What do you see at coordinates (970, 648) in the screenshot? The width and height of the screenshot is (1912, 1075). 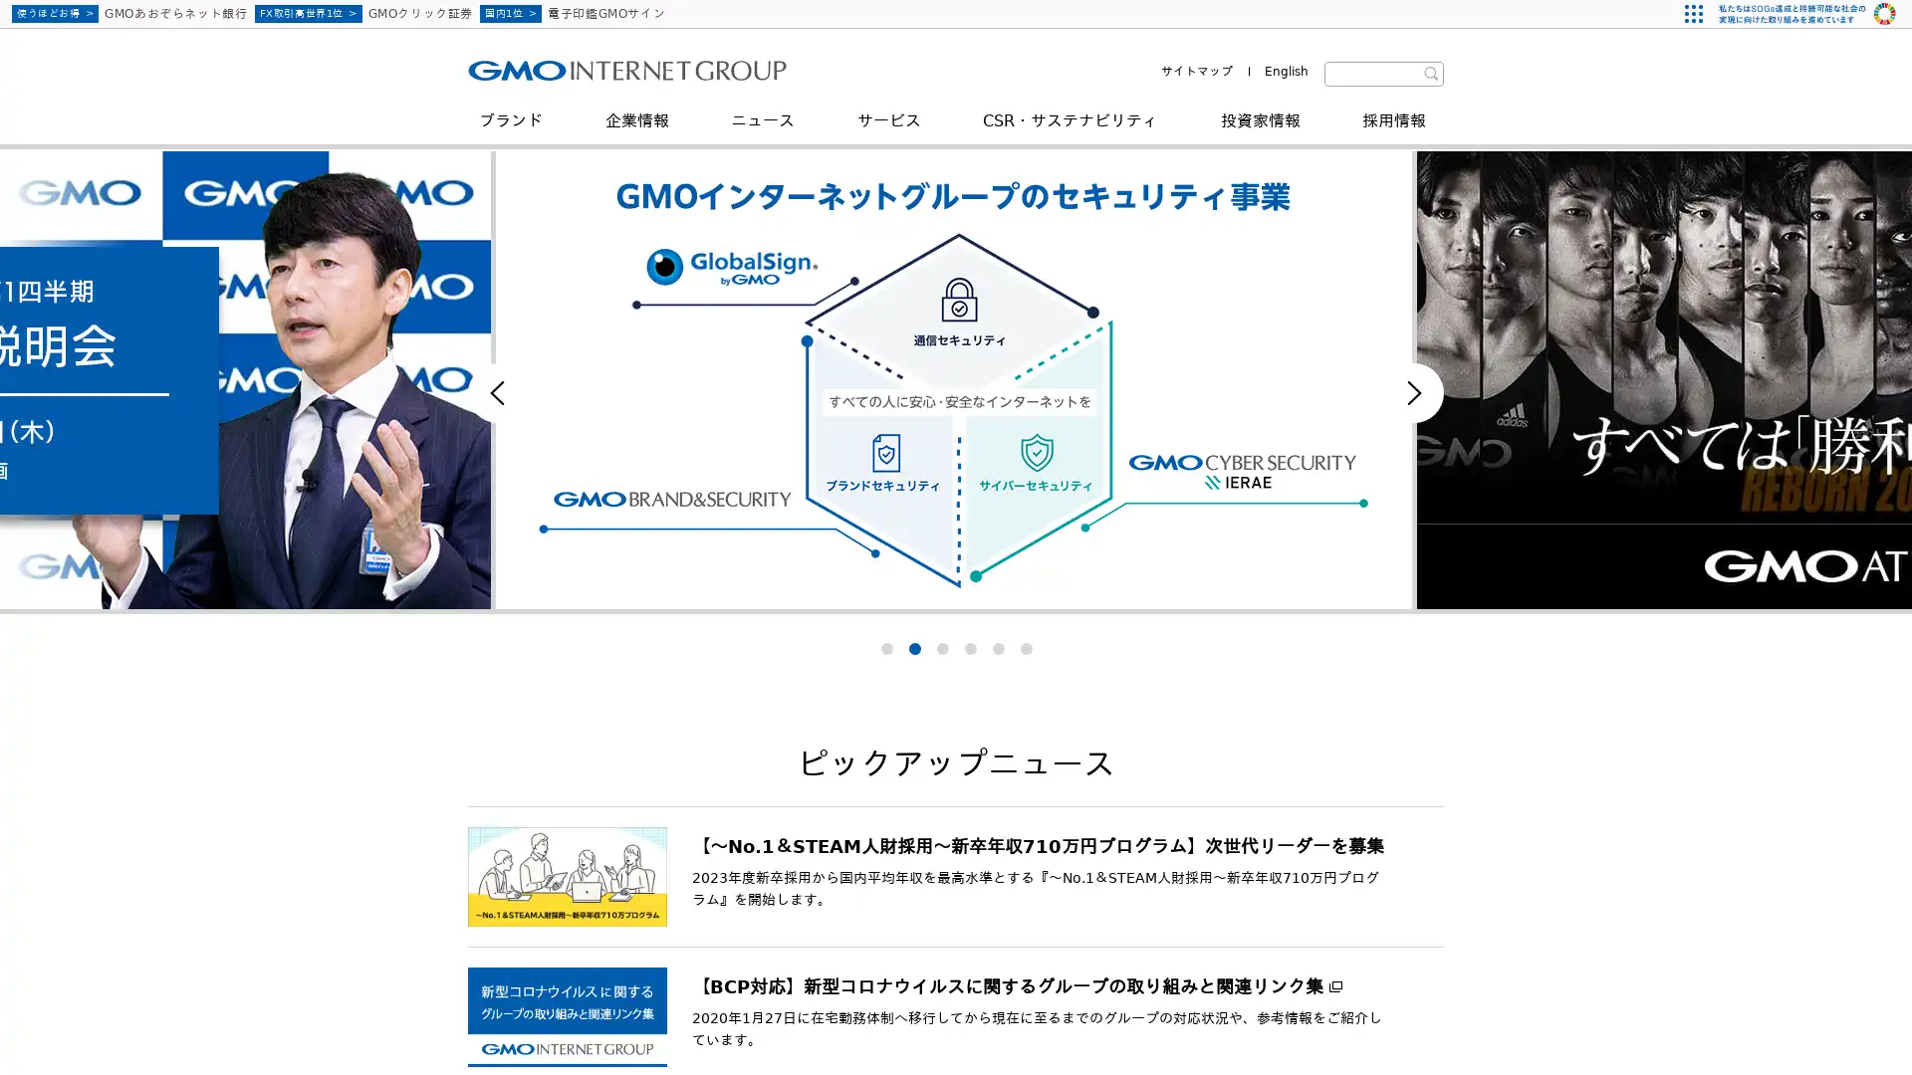 I see `4` at bounding box center [970, 648].